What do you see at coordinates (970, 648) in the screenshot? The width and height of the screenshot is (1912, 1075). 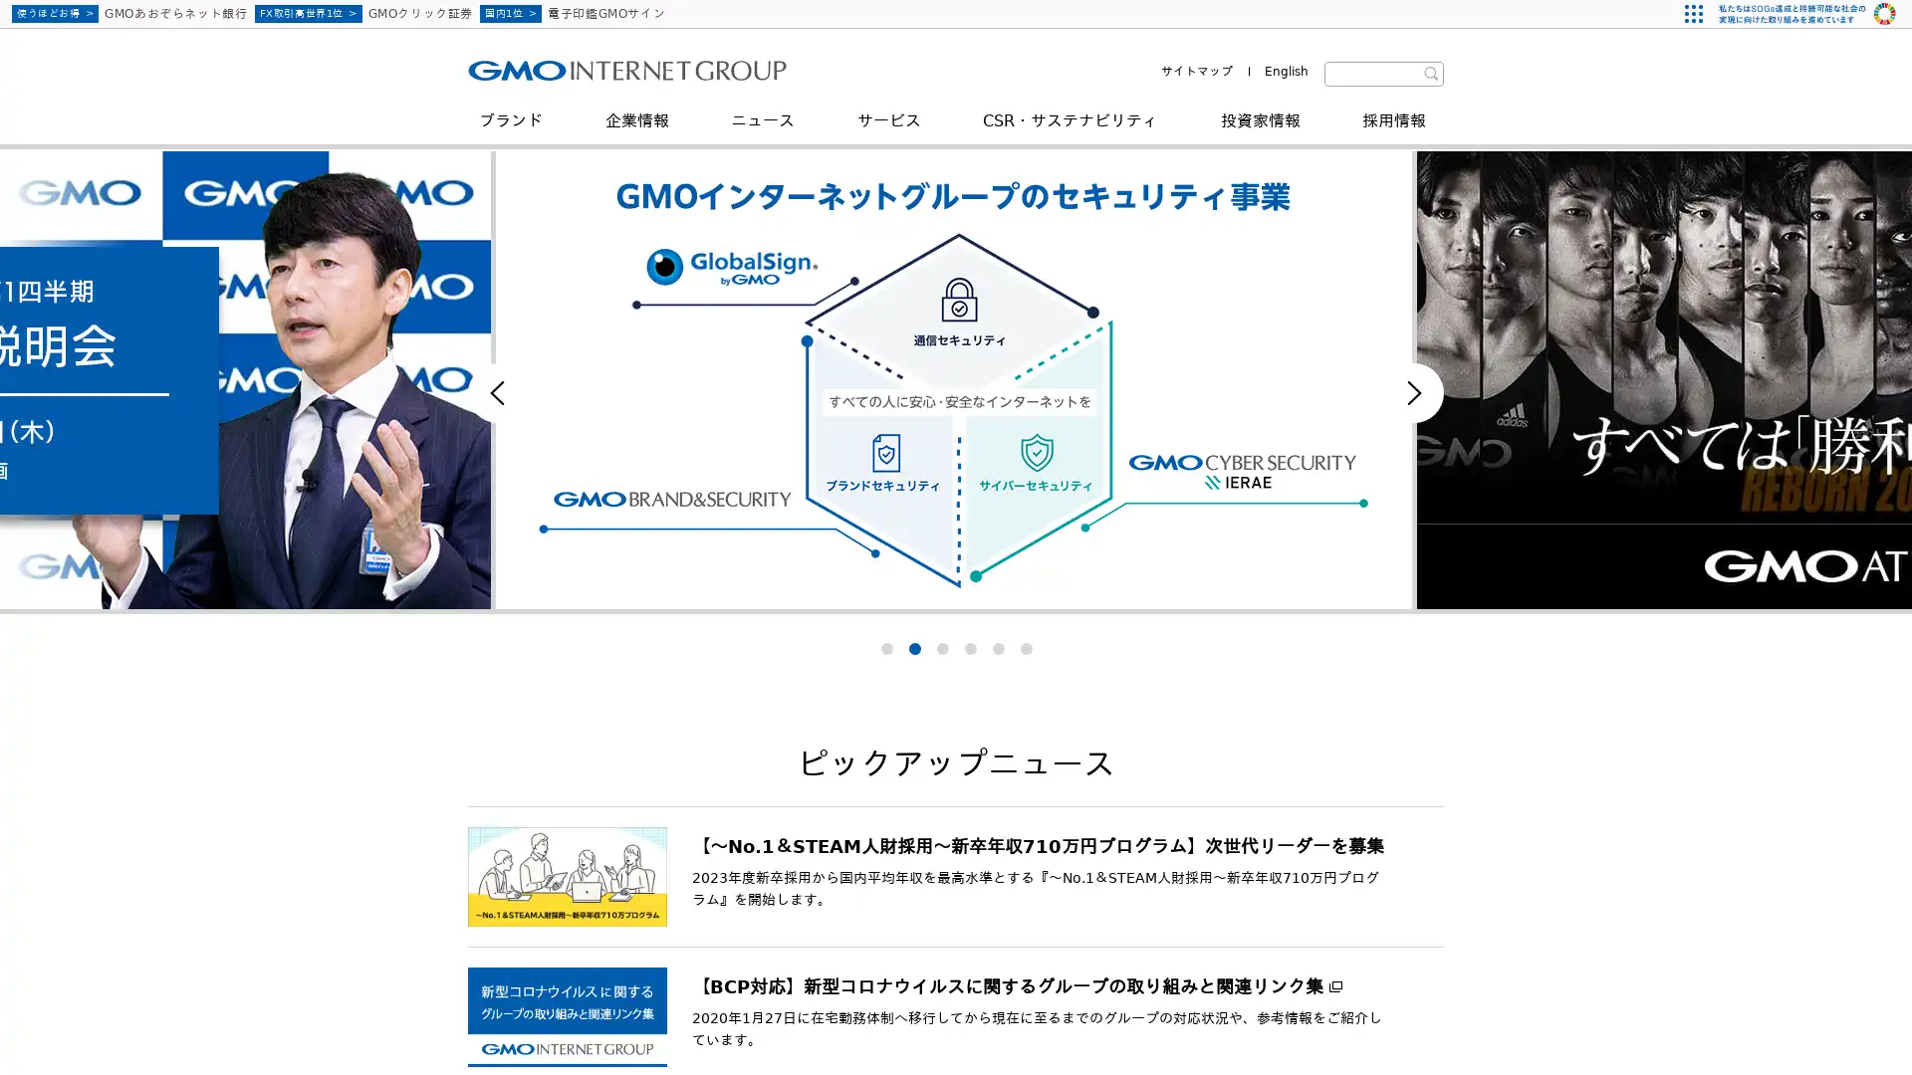 I see `4` at bounding box center [970, 648].